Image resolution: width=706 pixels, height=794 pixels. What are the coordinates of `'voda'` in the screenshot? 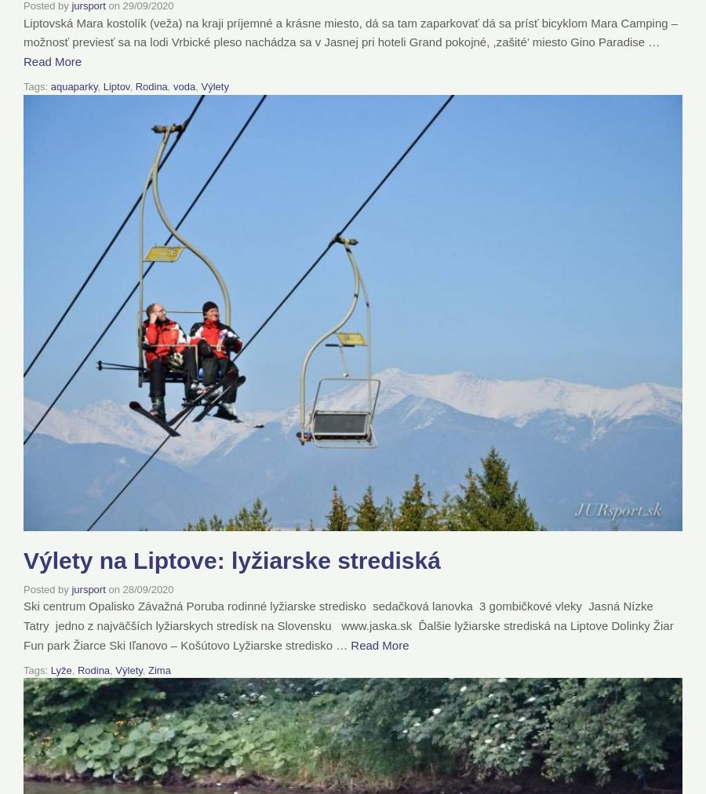 It's located at (173, 85).